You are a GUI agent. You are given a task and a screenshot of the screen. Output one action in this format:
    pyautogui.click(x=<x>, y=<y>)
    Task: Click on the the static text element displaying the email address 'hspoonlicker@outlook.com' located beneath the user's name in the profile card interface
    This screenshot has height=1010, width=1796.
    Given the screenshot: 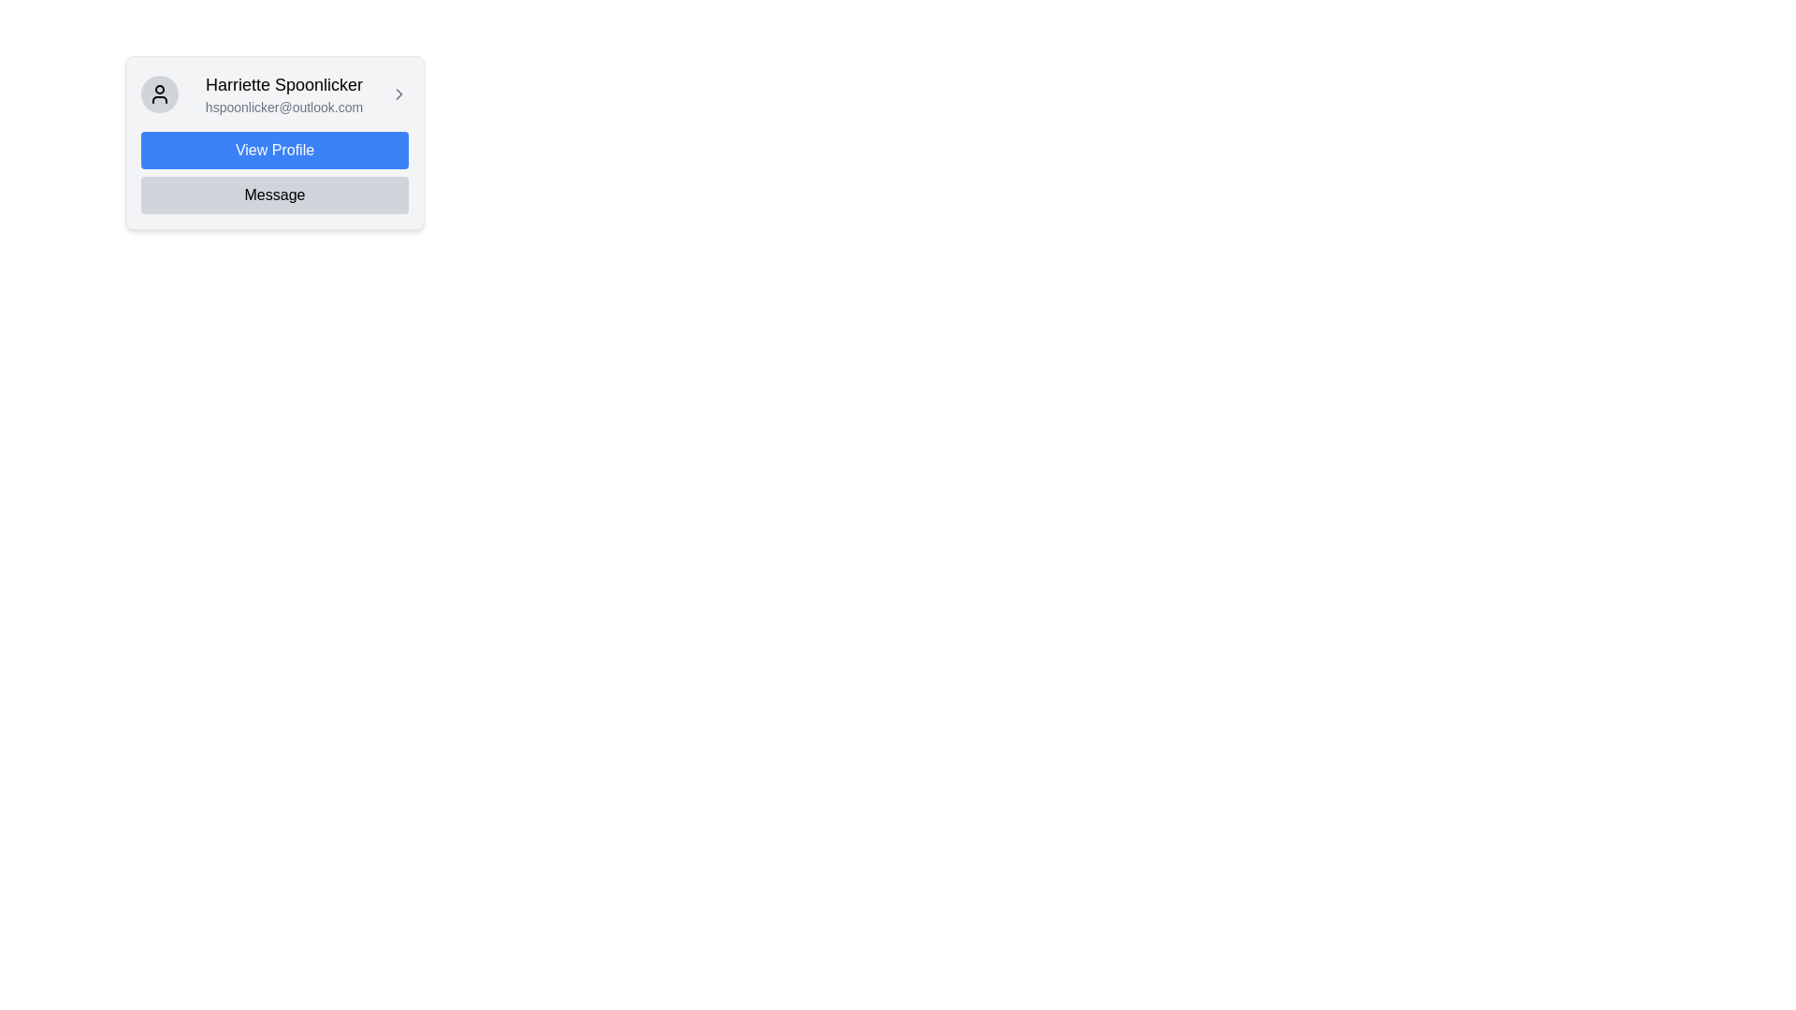 What is the action you would take?
    pyautogui.click(x=282, y=108)
    